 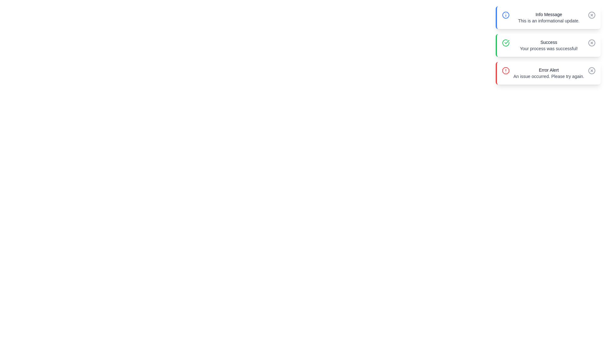 What do you see at coordinates (592, 70) in the screenshot?
I see `the dismiss button of the 'Error Alert' notification to change its color` at bounding box center [592, 70].